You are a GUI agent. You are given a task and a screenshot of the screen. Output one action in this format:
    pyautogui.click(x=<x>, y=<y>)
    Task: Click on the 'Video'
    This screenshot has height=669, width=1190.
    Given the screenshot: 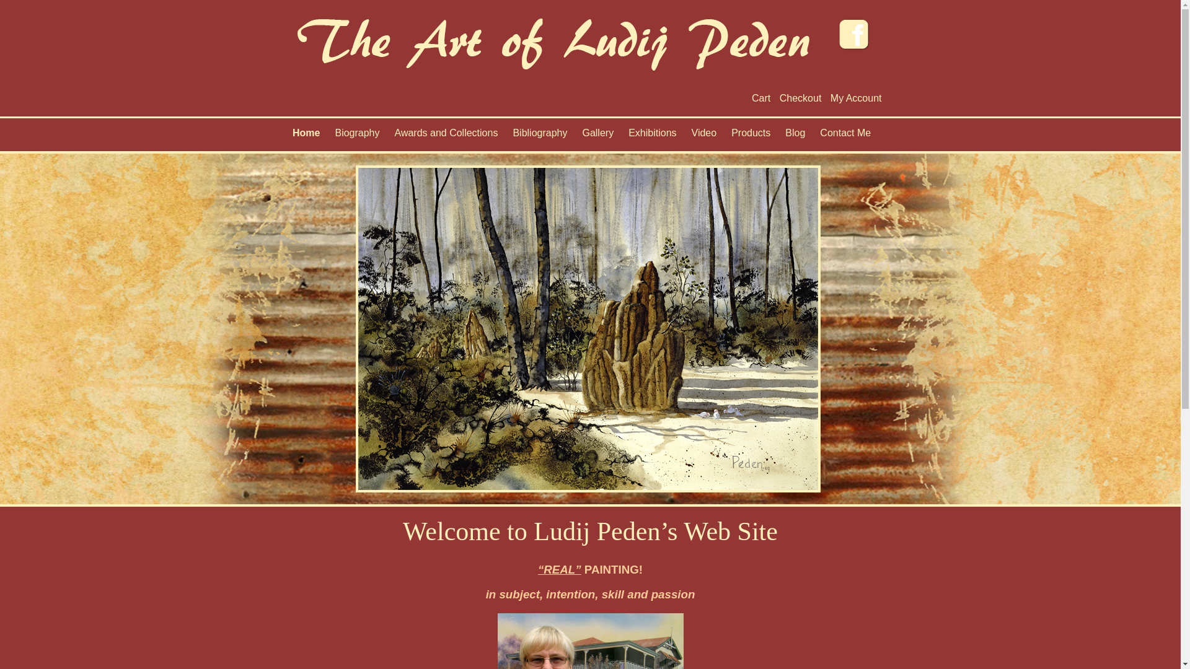 What is the action you would take?
    pyautogui.click(x=704, y=136)
    